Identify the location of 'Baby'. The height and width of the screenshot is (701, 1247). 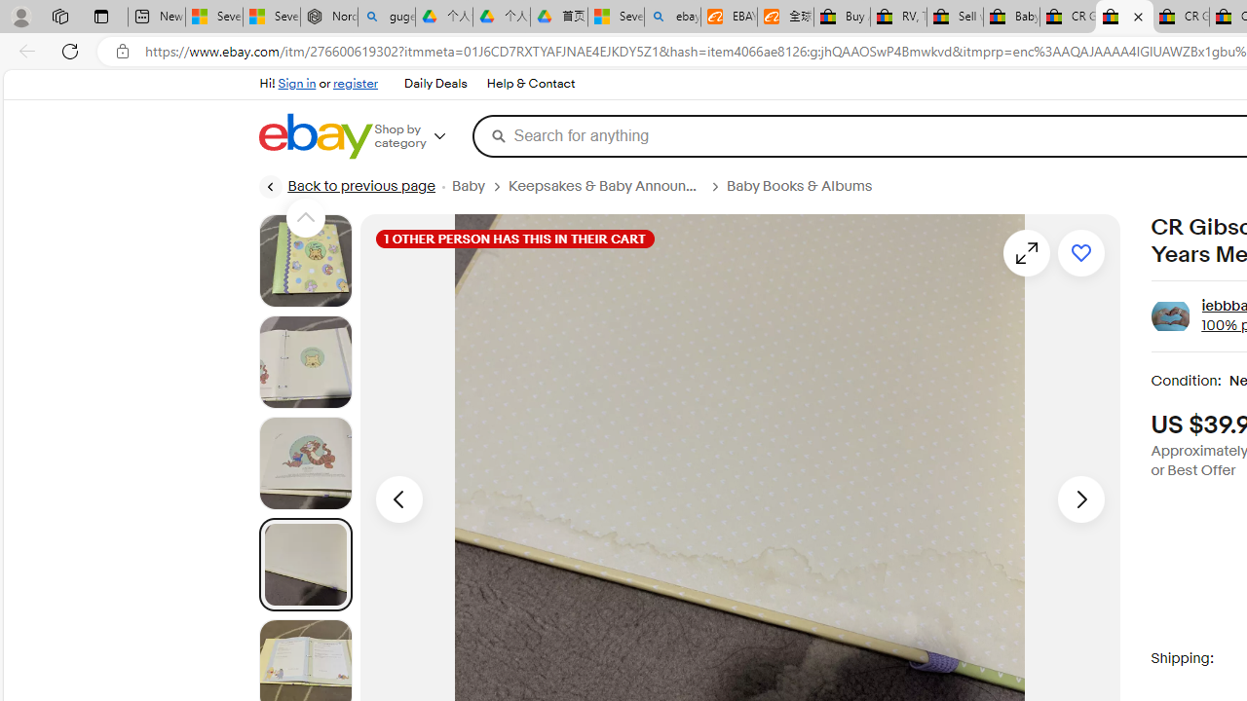
(468, 186).